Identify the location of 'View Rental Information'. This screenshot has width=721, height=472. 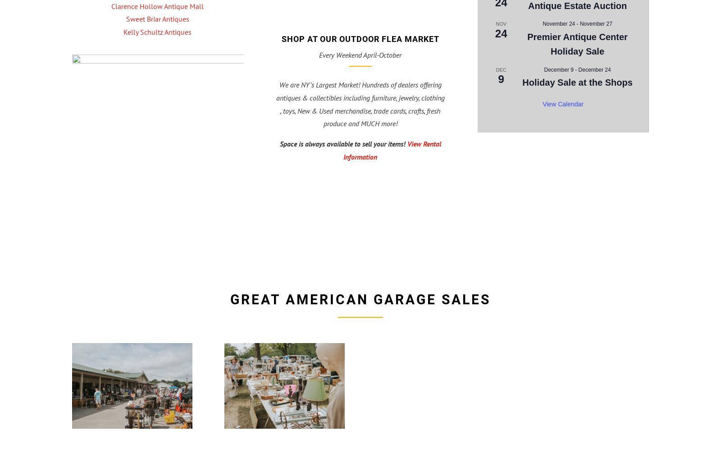
(343, 150).